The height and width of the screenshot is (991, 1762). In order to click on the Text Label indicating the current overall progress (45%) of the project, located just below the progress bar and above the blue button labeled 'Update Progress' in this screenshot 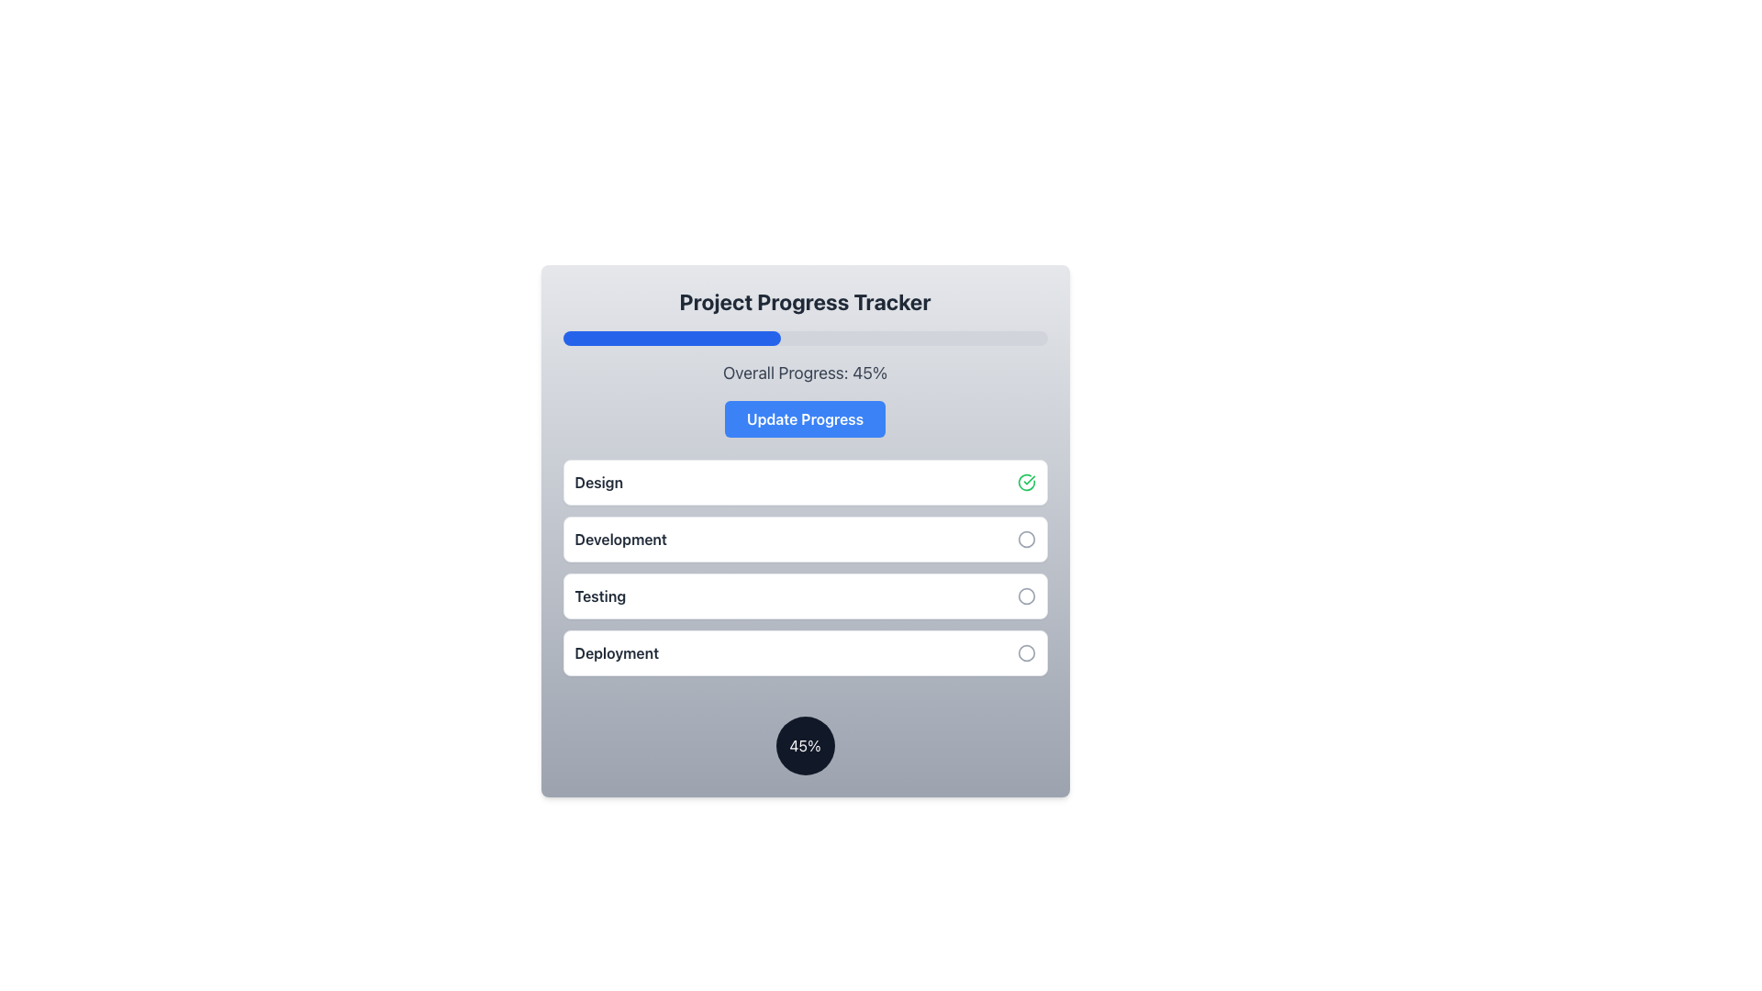, I will do `click(805, 373)`.